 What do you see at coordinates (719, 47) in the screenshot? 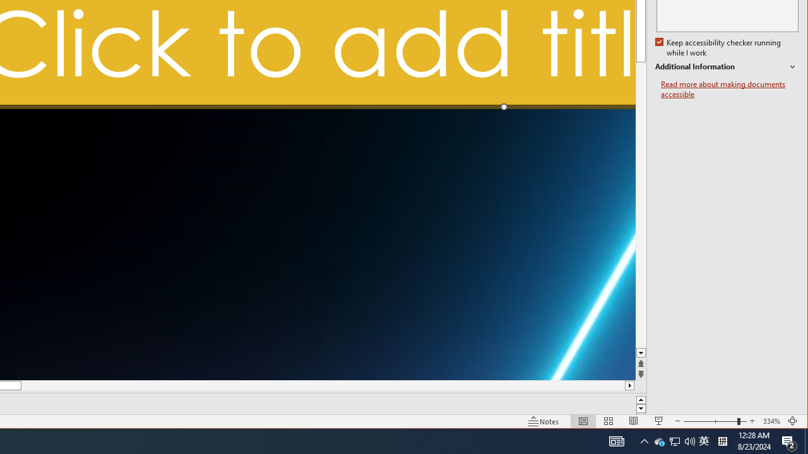
I see `'Additional Information'` at bounding box center [719, 47].